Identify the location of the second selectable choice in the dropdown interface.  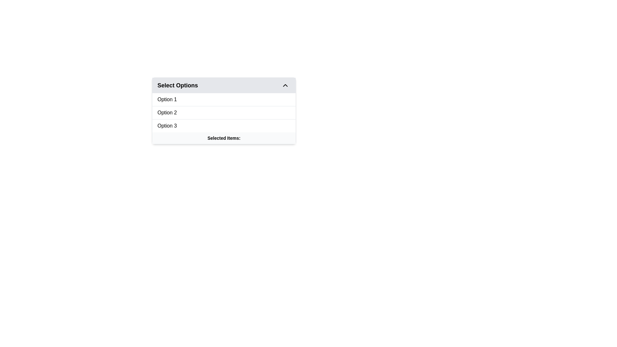
(224, 110).